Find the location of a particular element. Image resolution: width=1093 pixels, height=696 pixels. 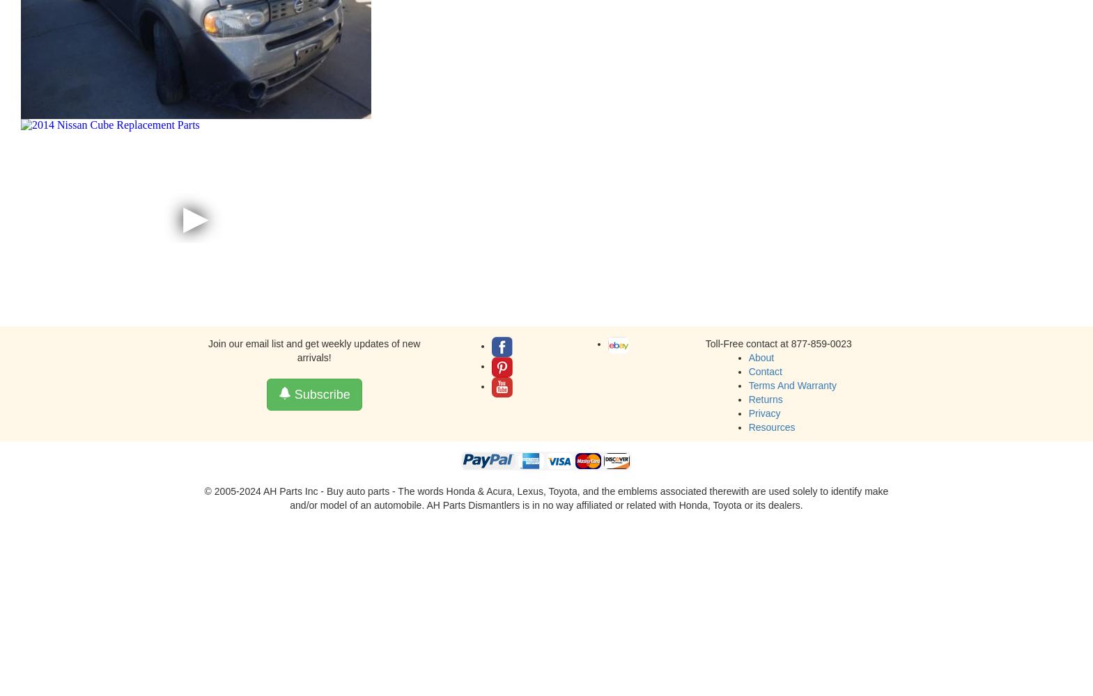

'Terms And Warranty' is located at coordinates (792, 385).